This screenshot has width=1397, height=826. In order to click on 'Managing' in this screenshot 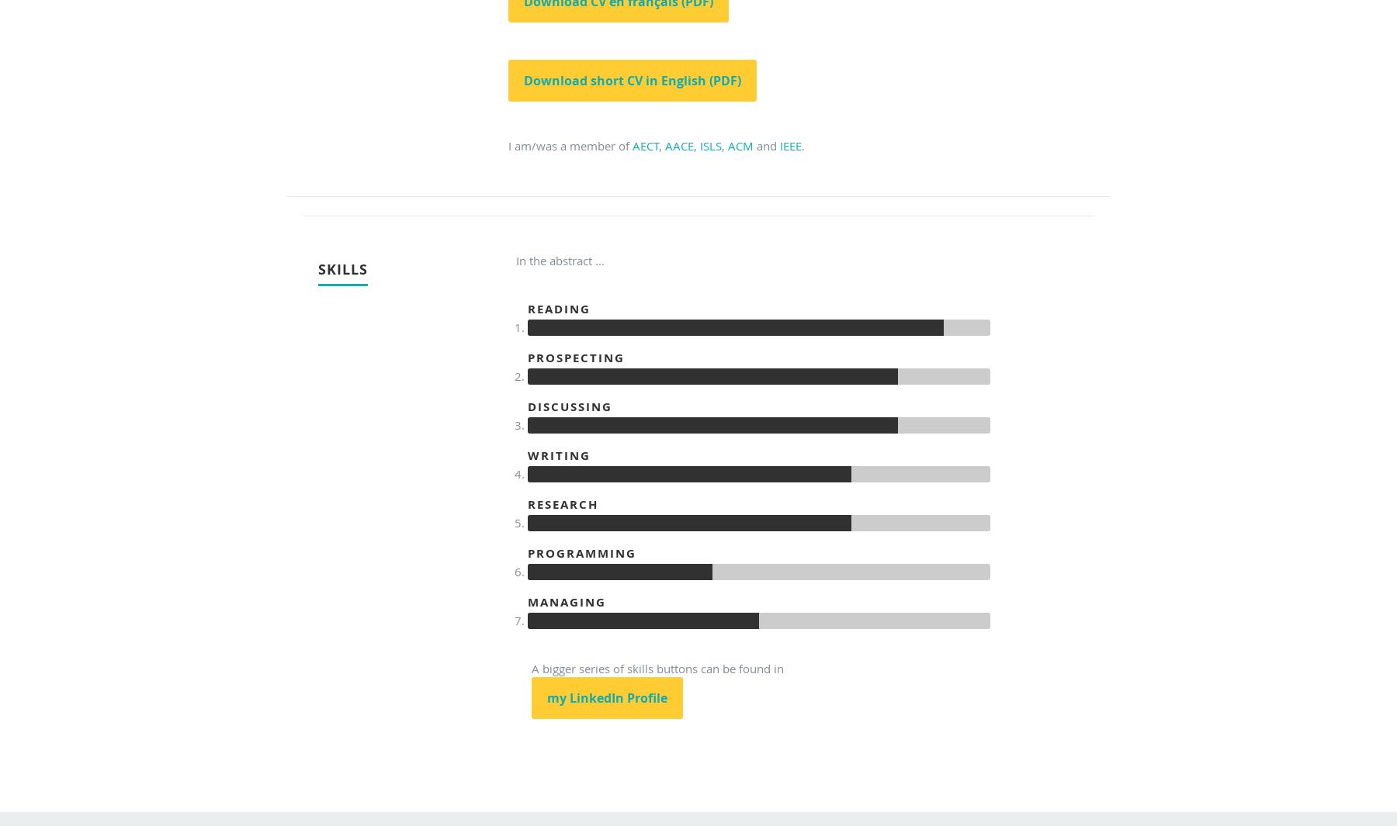, I will do `click(566, 602)`.